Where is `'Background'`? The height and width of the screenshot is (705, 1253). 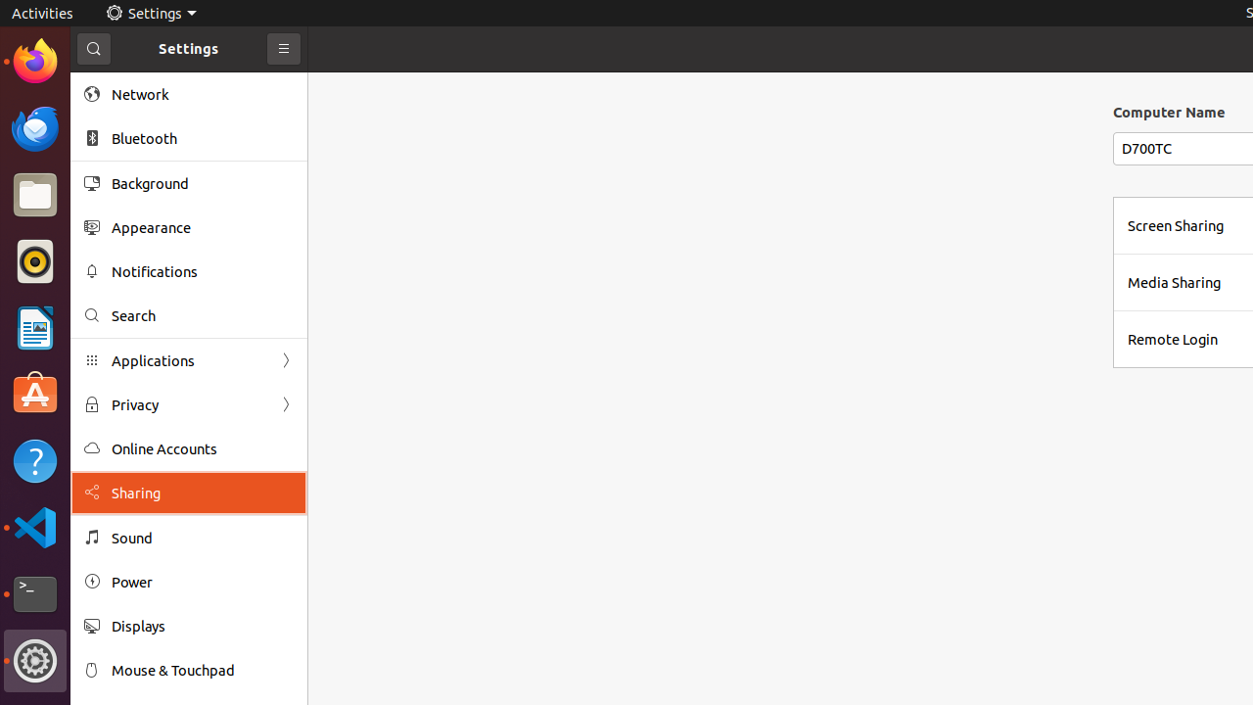
'Background' is located at coordinates (202, 183).